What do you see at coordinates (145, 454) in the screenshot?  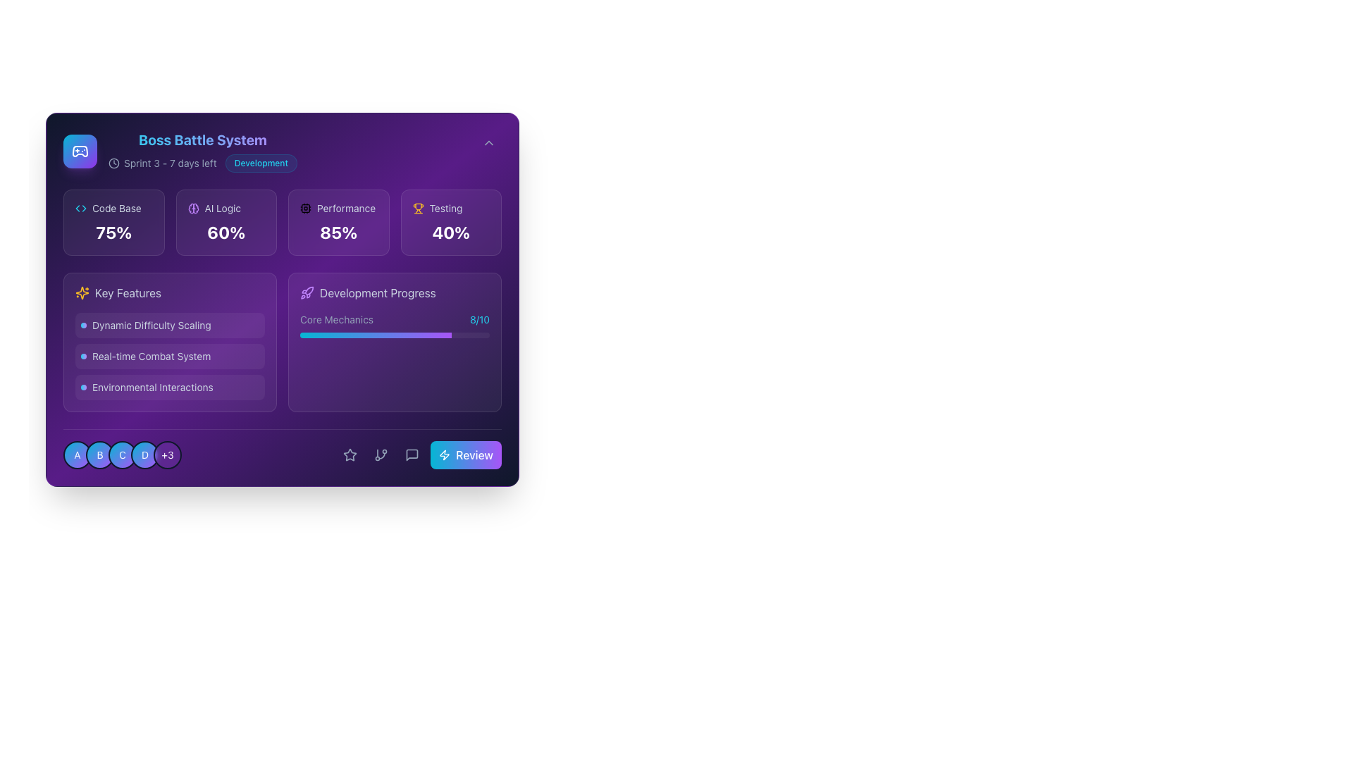 I see `the circular button labeled 'D' with a gradient background transitioning from cyan to purple` at bounding box center [145, 454].